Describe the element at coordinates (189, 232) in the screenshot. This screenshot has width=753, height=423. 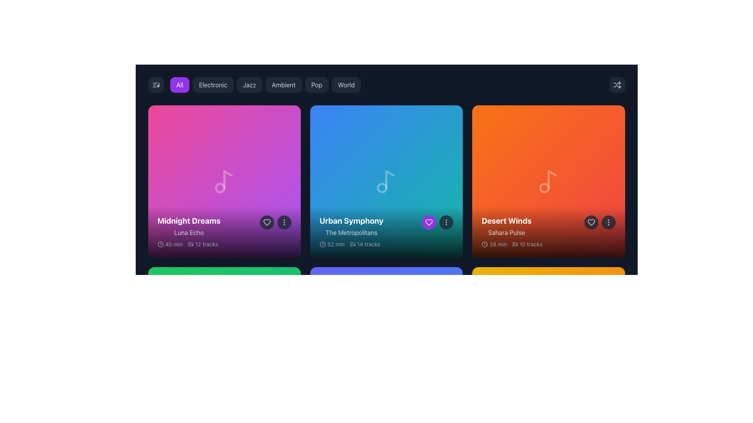
I see `text label that provides additional information about the primary text 'Midnight Dreams', positioned directly below the sibling element within the first column and first row of the visible grid` at that location.